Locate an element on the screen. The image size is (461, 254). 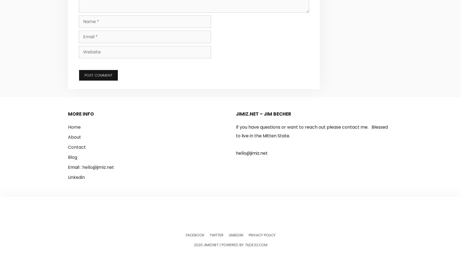
'Privacy Policy' is located at coordinates (262, 234).